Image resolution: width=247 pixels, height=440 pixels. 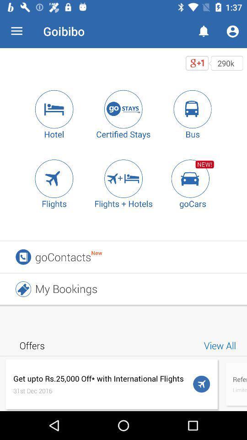 What do you see at coordinates (221, 345) in the screenshot?
I see `view all item` at bounding box center [221, 345].